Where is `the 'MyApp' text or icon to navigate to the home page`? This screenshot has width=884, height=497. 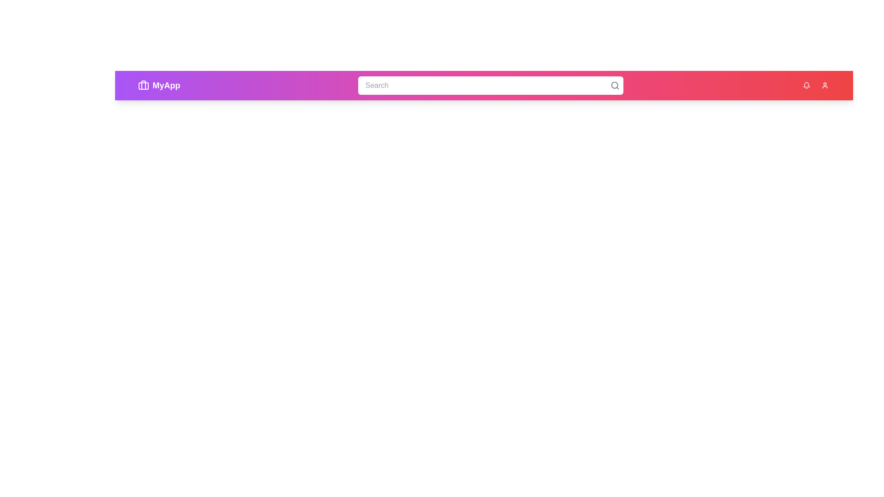 the 'MyApp' text or icon to navigate to the home page is located at coordinates (159, 85).